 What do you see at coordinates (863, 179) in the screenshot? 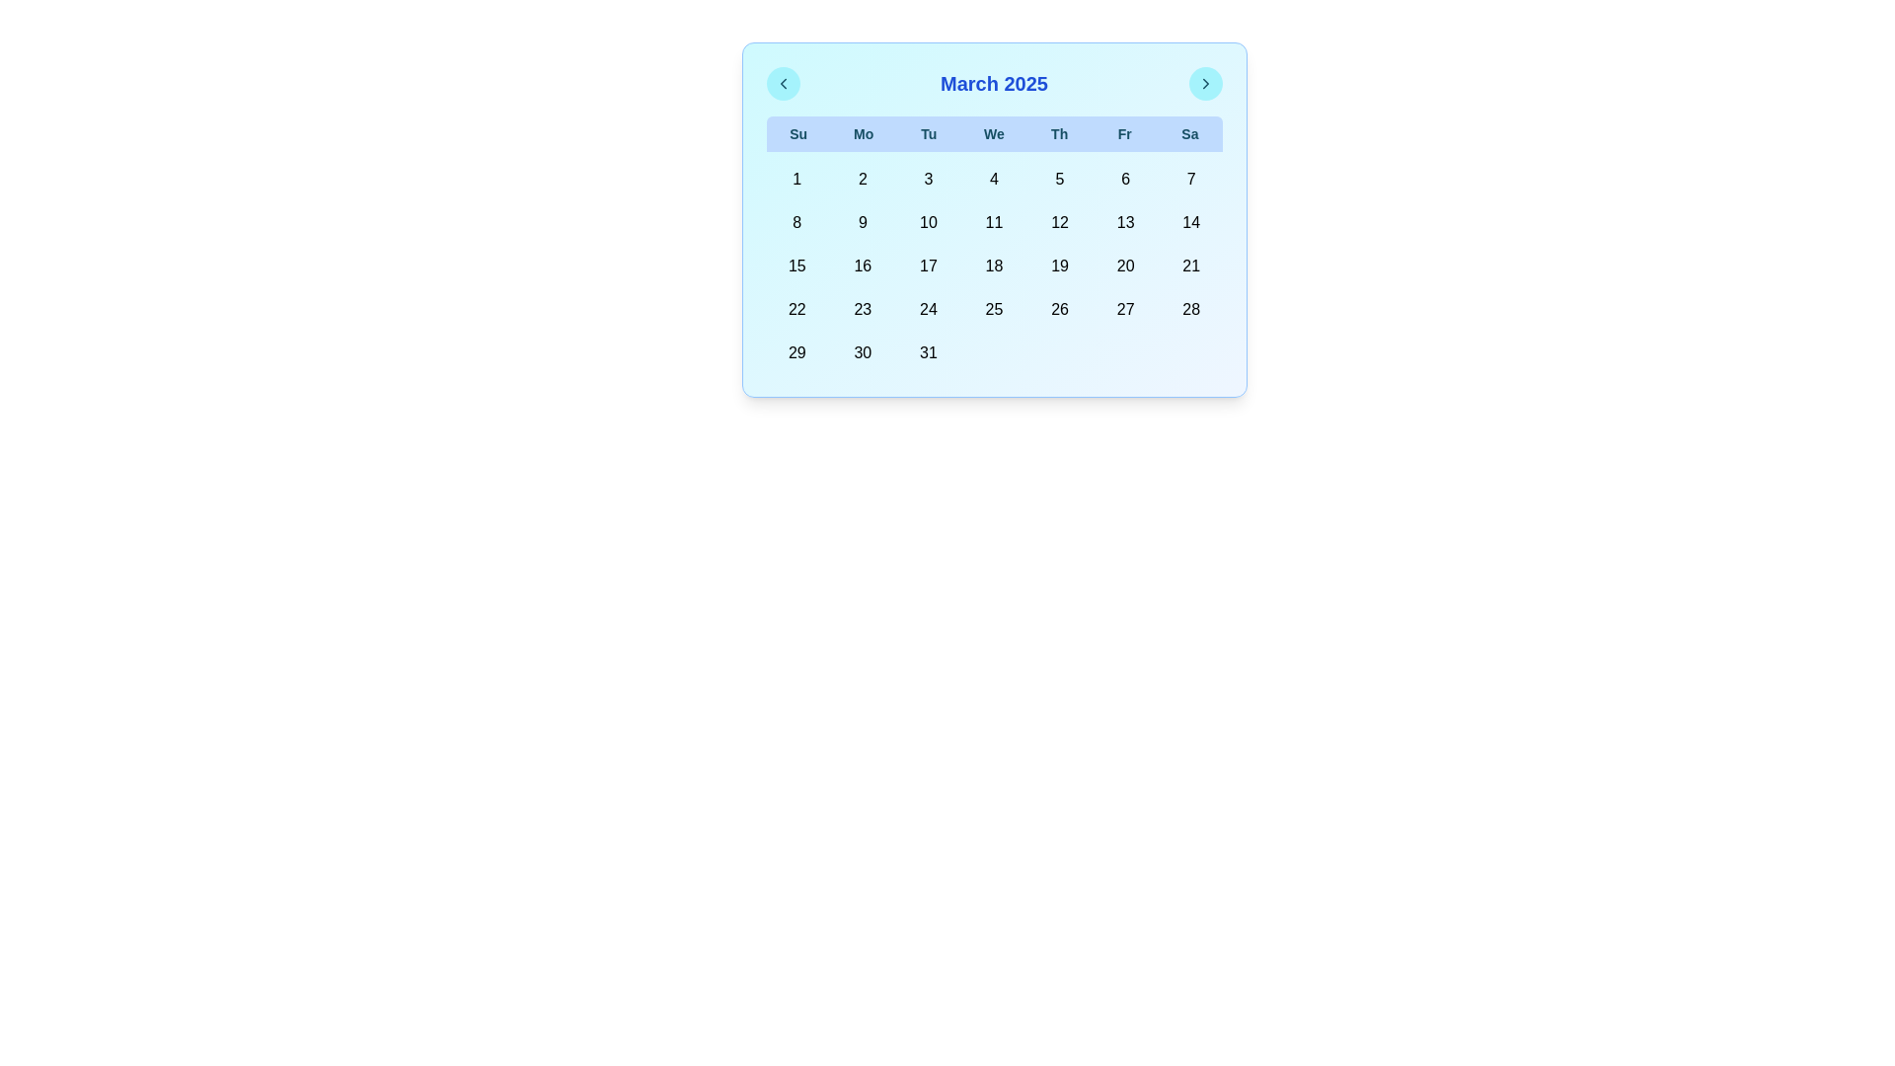
I see `the second day button in the calendar view` at bounding box center [863, 179].